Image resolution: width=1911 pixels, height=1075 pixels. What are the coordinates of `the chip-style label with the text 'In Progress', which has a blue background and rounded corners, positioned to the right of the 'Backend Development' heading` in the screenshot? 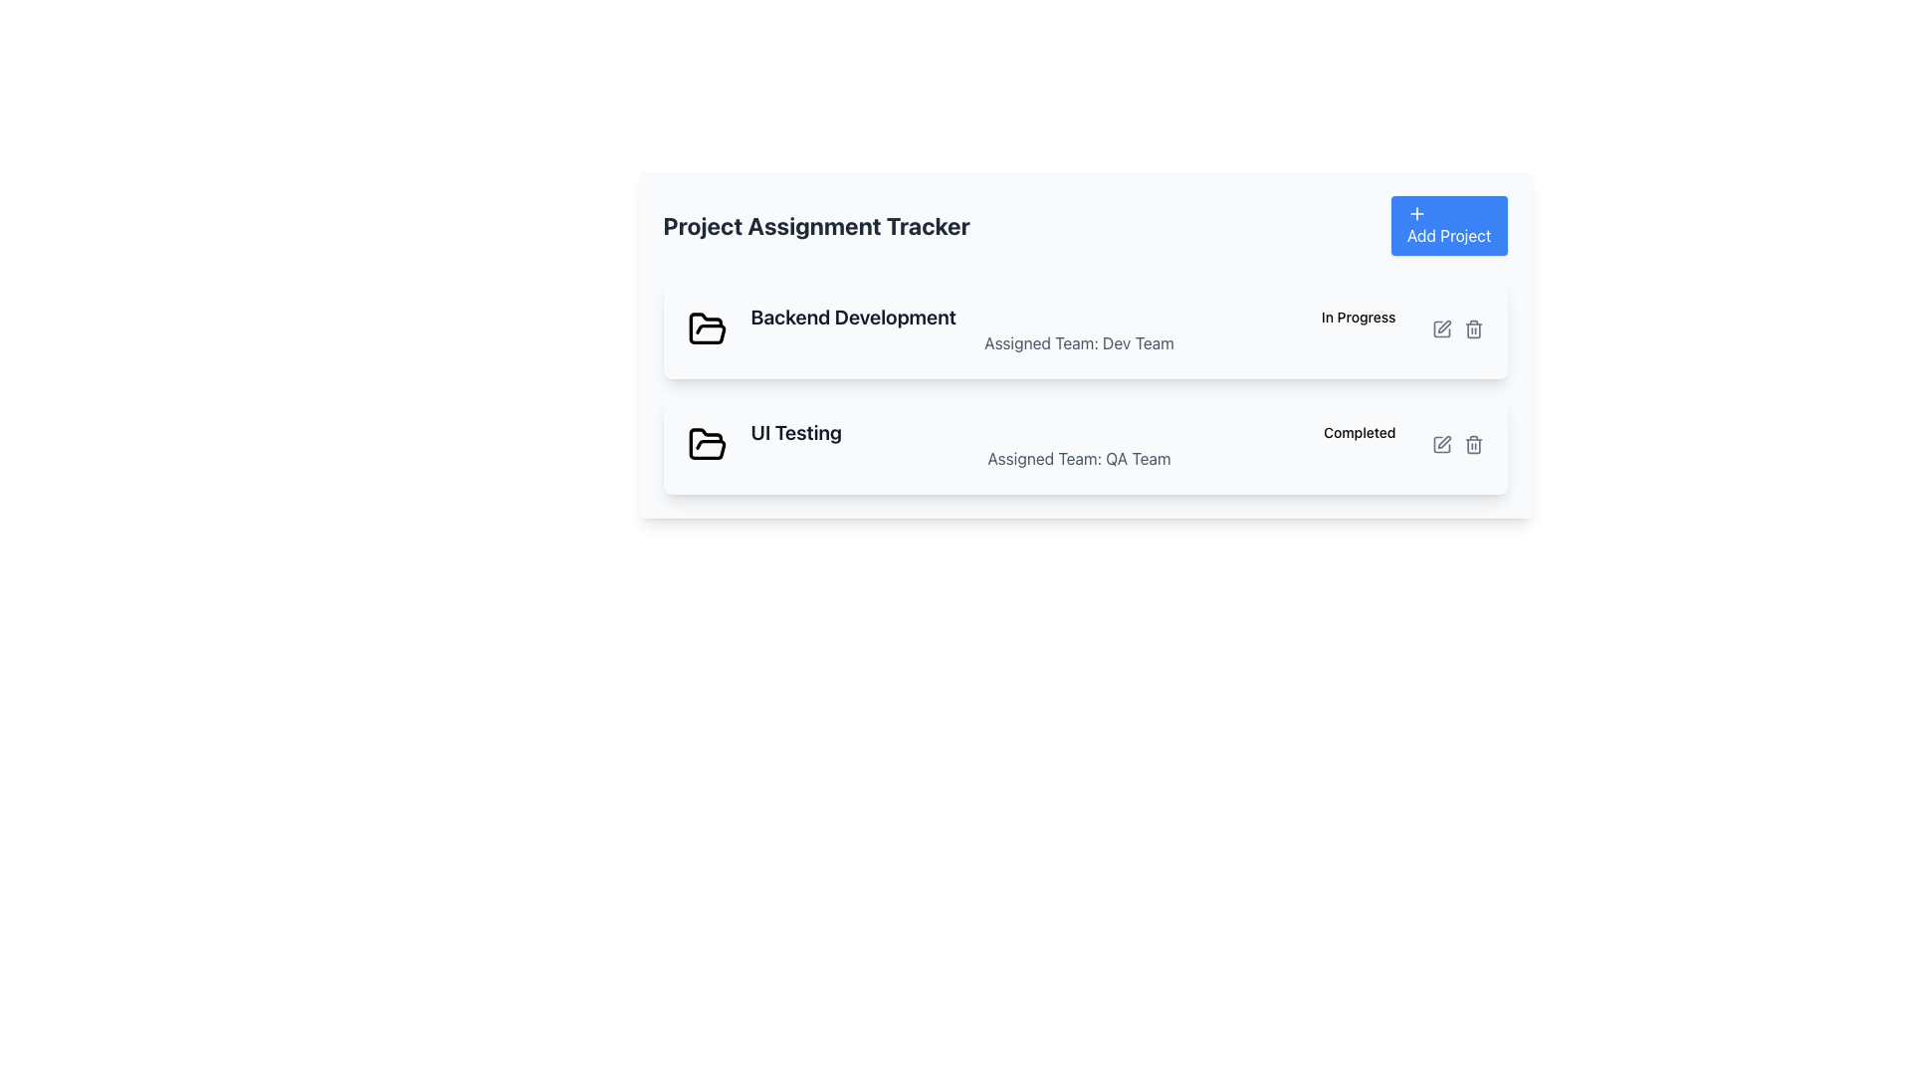 It's located at (1358, 317).